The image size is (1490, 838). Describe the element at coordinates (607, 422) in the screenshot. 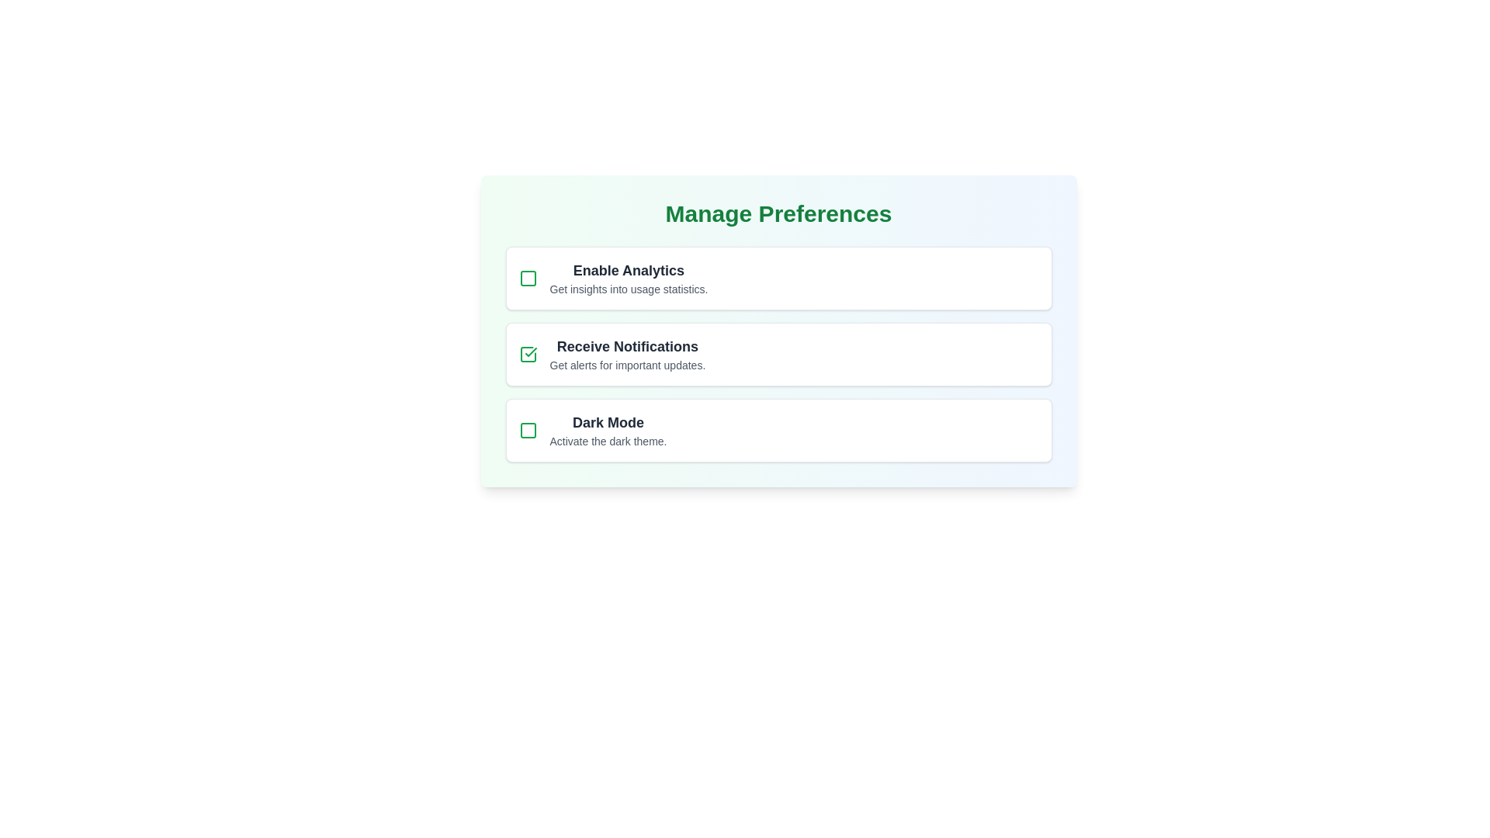

I see `the label element that serves as a title for the third option in the vertical preference list, positioned above the text 'Activate the dark theme.' and to the right of an empty checkbox` at that location.